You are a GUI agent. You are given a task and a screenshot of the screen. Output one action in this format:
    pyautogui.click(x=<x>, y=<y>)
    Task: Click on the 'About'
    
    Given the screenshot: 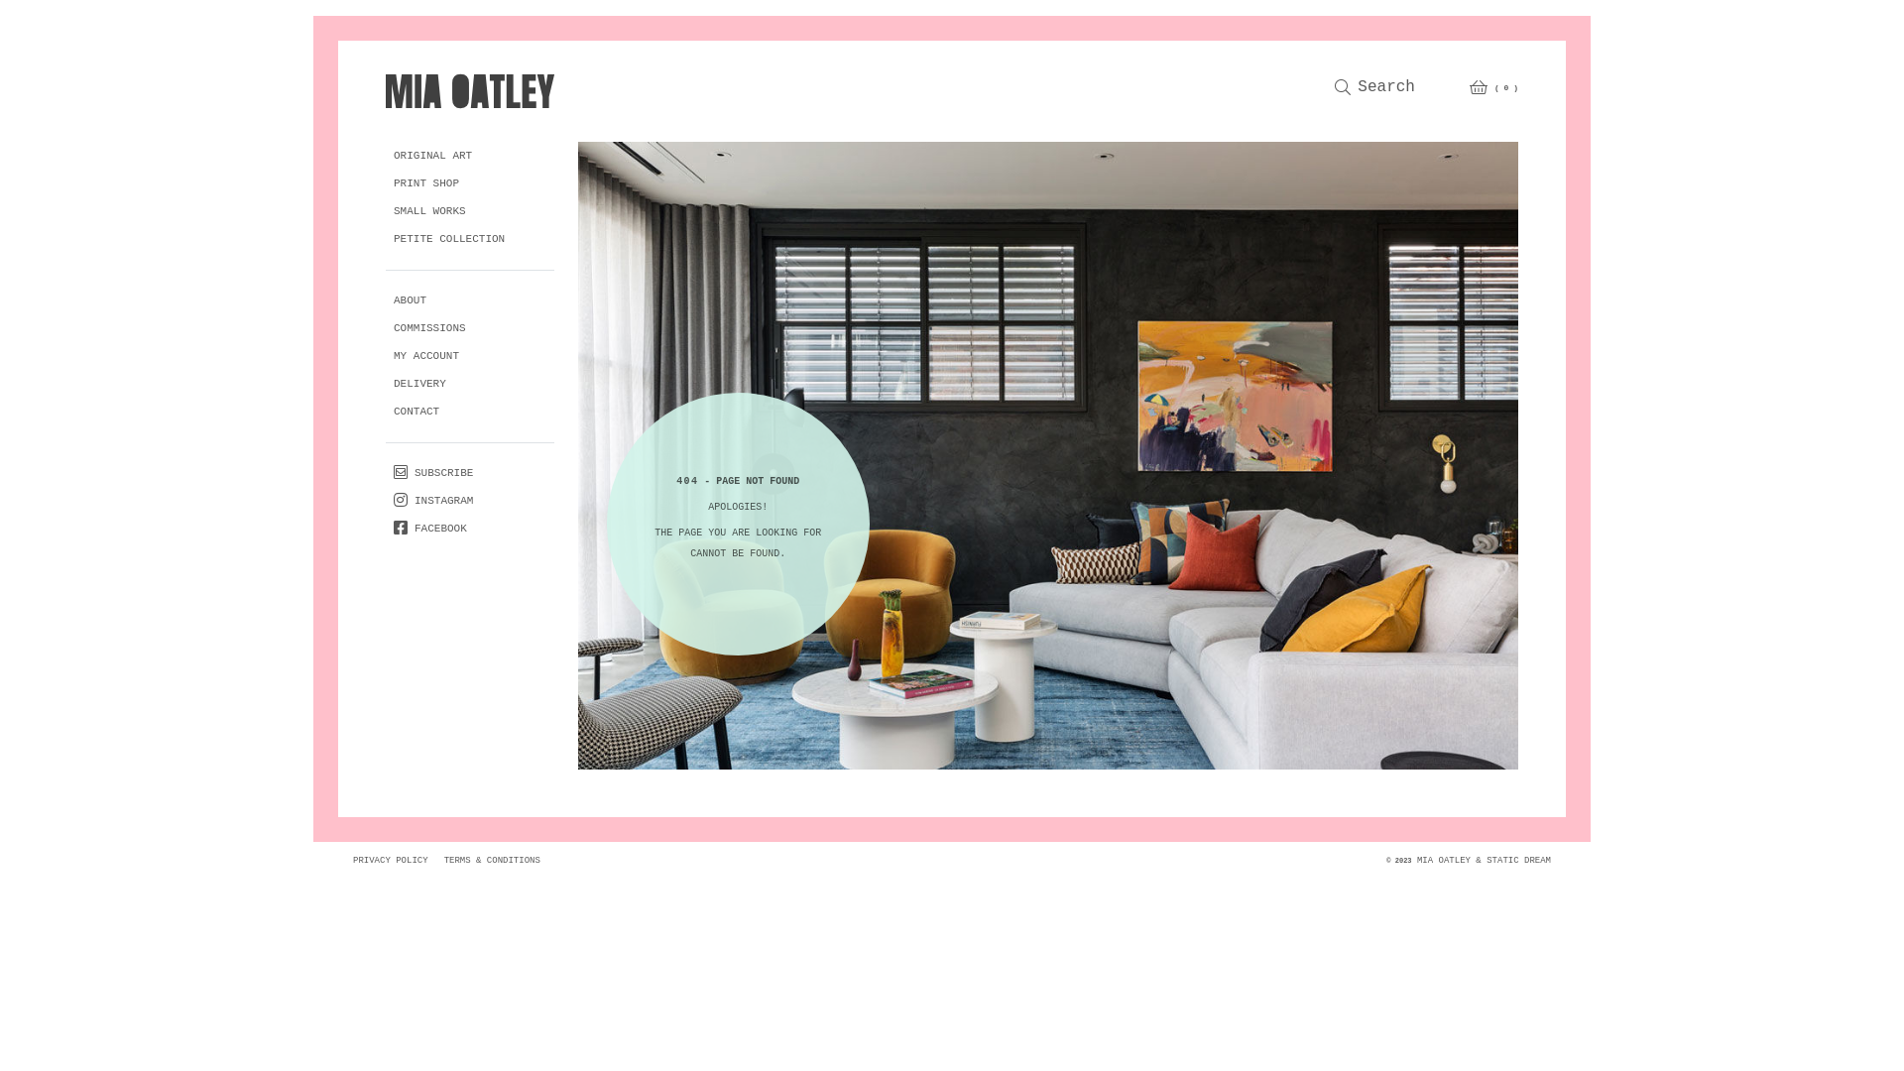 What is the action you would take?
    pyautogui.click(x=385, y=300)
    